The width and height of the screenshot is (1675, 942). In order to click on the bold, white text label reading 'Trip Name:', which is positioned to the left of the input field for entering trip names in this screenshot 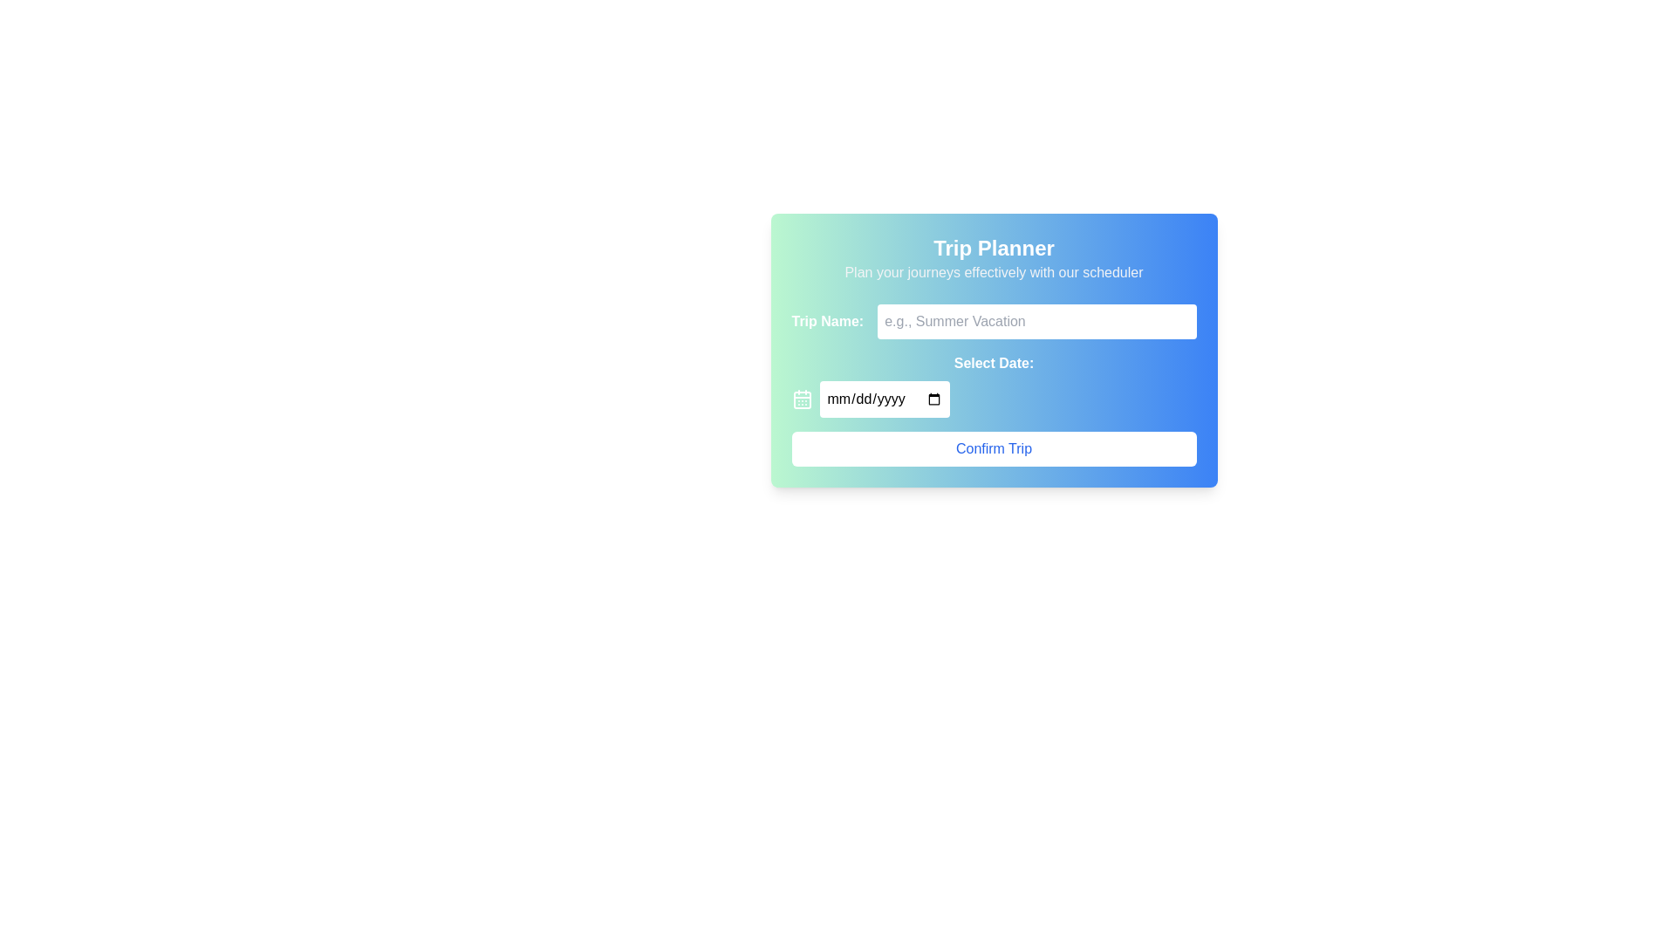, I will do `click(826, 322)`.